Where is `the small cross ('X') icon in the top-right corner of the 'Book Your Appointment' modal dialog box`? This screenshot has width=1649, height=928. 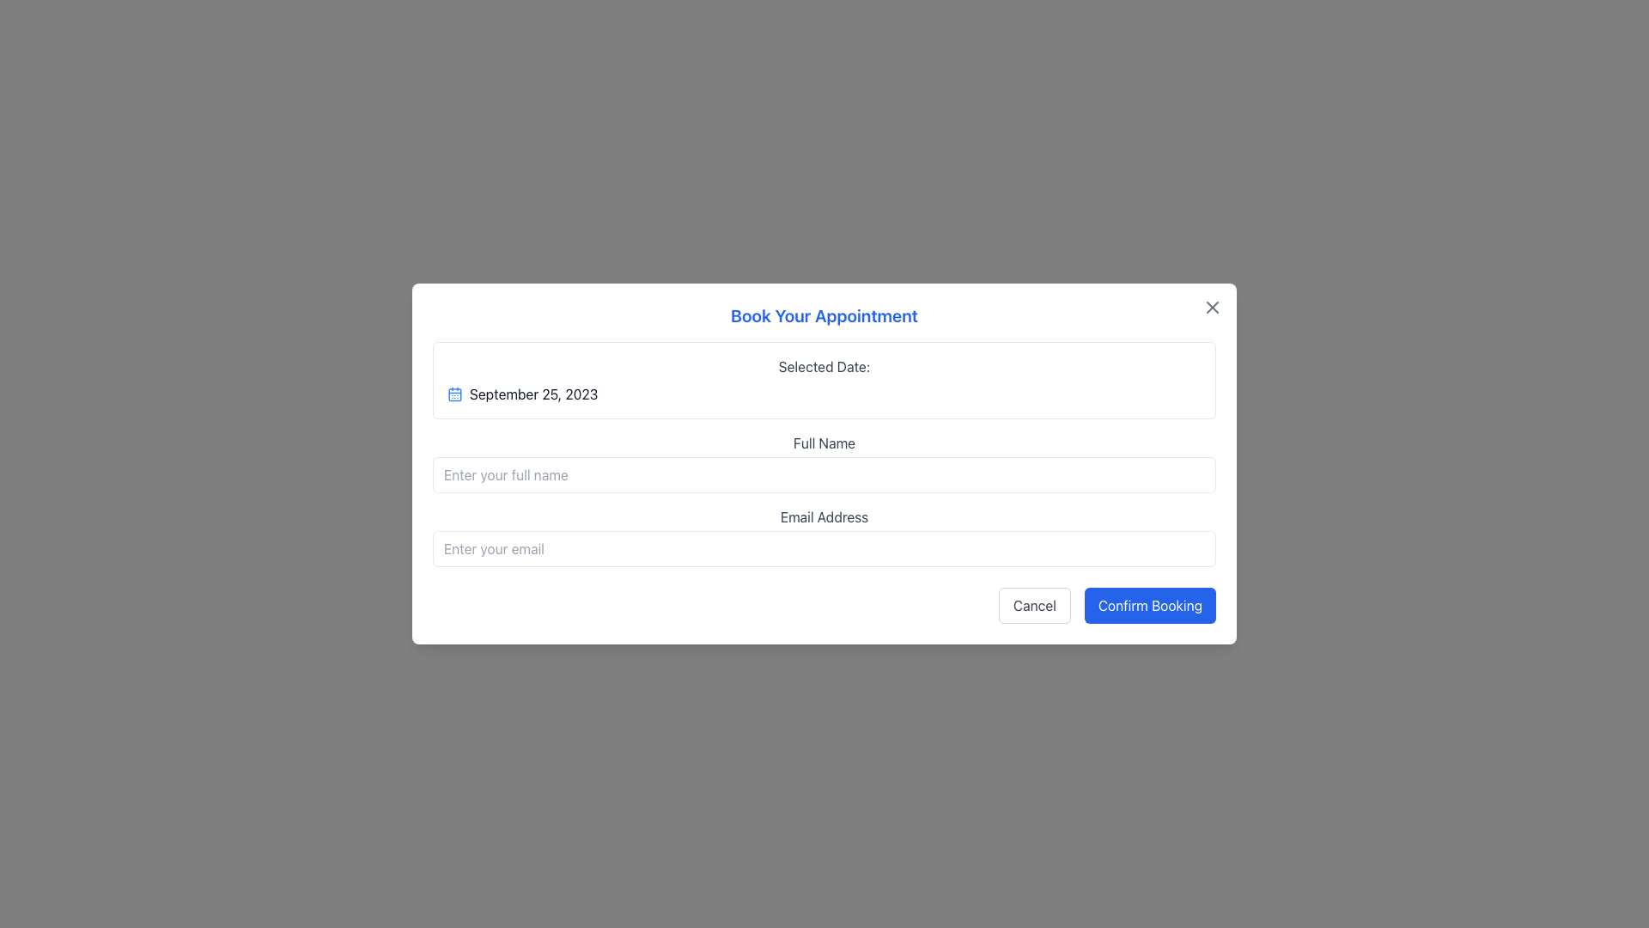 the small cross ('X') icon in the top-right corner of the 'Book Your Appointment' modal dialog box is located at coordinates (1211, 307).